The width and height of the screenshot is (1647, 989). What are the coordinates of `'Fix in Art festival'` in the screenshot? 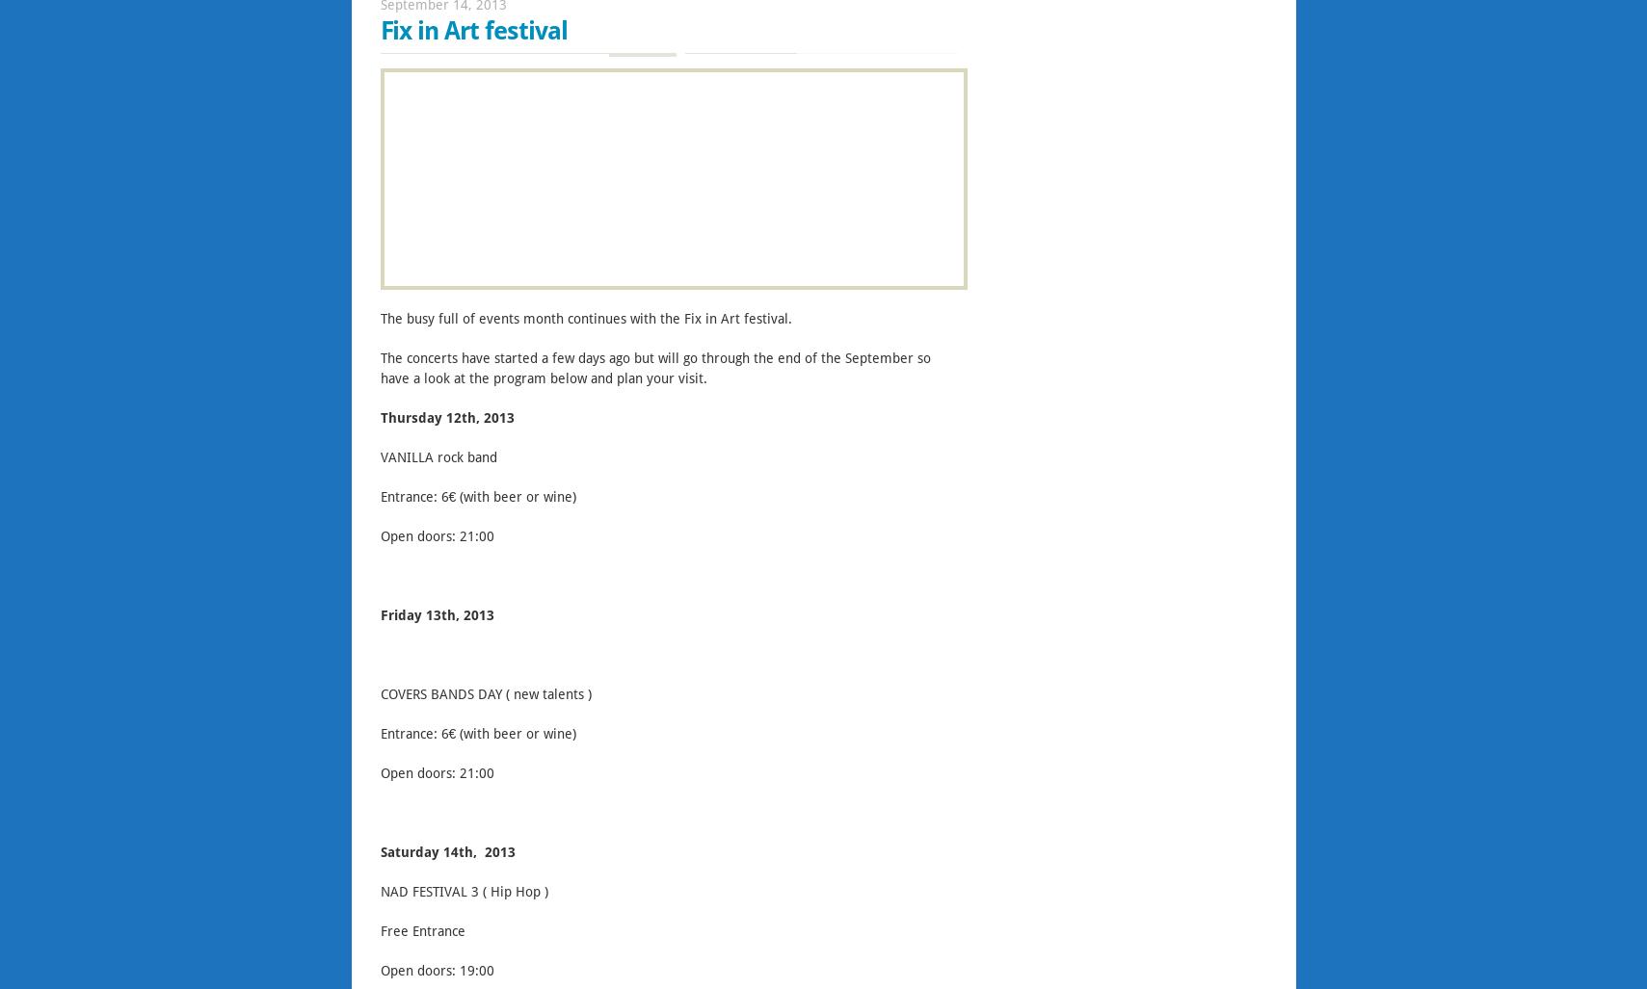 It's located at (471, 31).